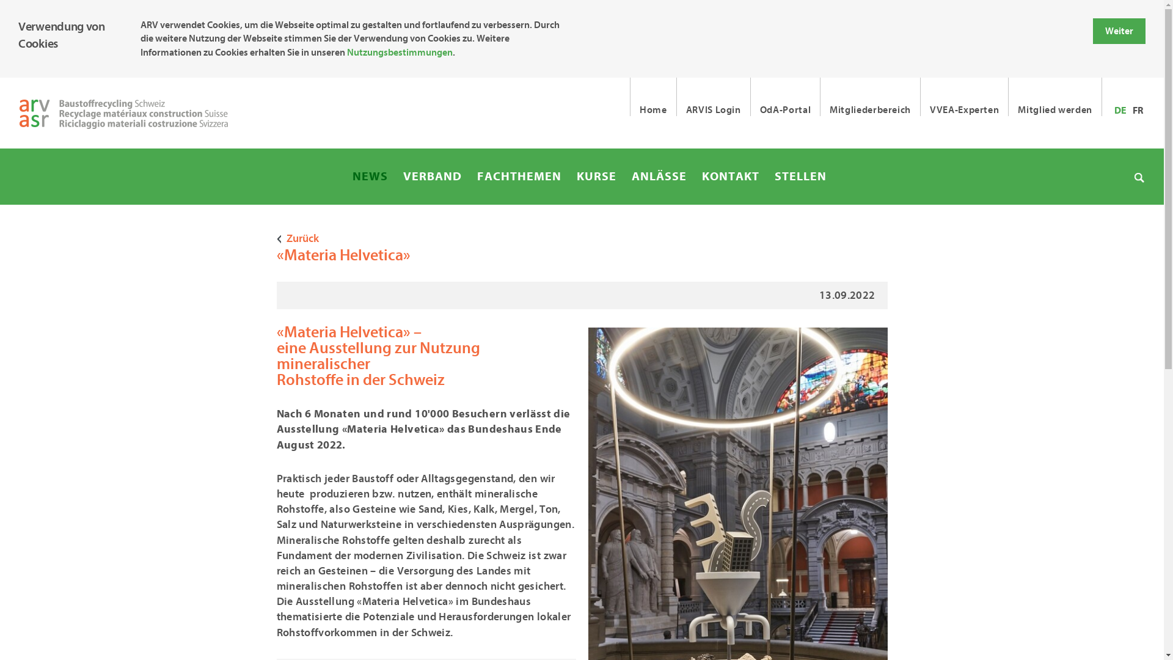 The image size is (1173, 660). Describe the element at coordinates (785, 96) in the screenshot. I see `'OdA-Portal'` at that location.